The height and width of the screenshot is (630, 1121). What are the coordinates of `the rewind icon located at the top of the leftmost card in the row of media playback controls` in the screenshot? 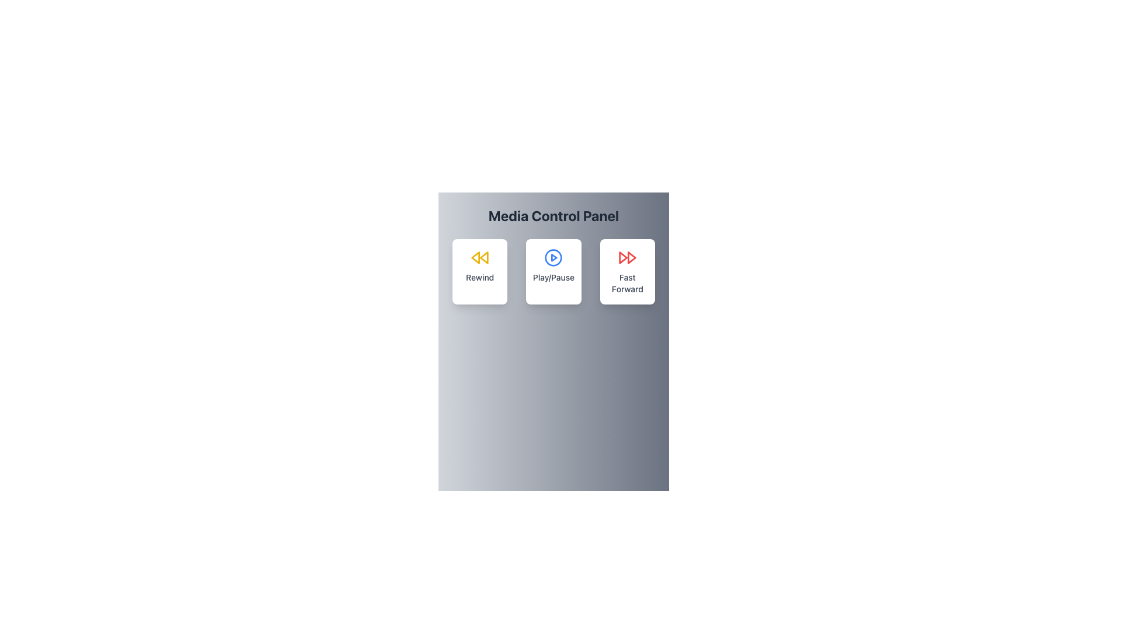 It's located at (480, 257).